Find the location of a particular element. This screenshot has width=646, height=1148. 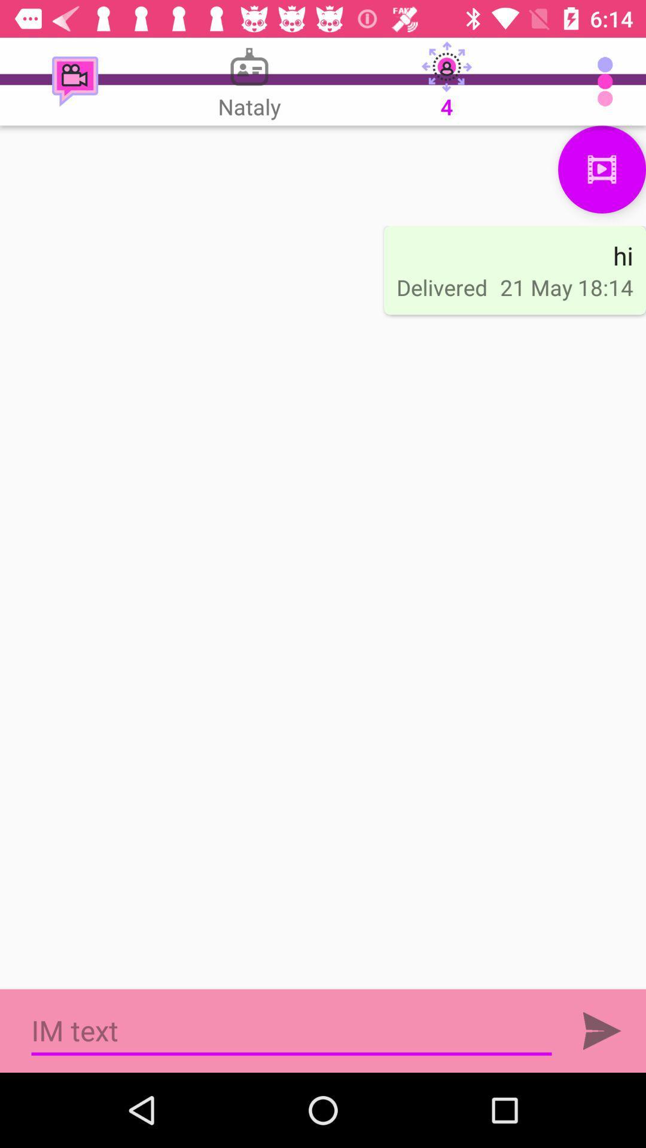

send text is located at coordinates (602, 1030).